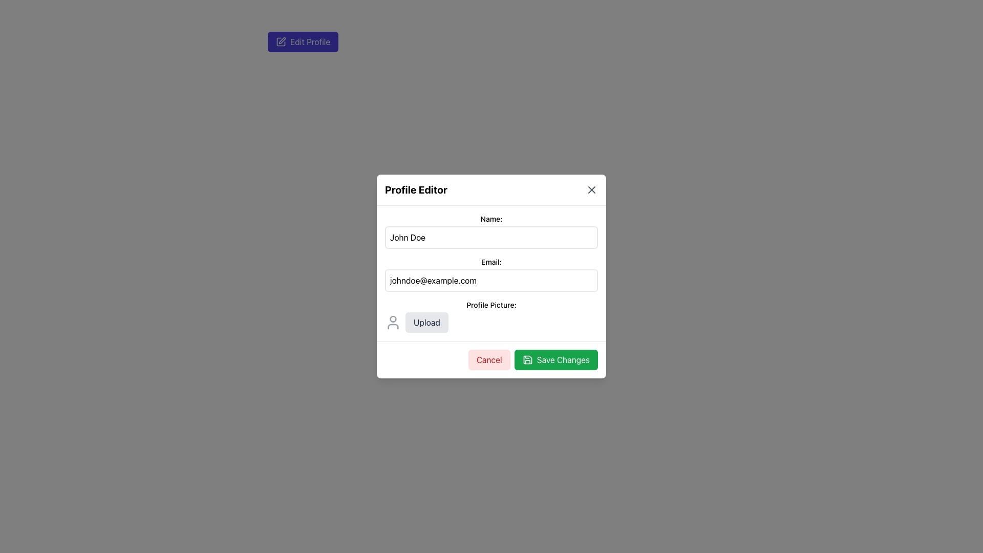 The width and height of the screenshot is (983, 553). Describe the element at coordinates (491, 274) in the screenshot. I see `the Email input field in the Profile Editor form to focus on it` at that location.